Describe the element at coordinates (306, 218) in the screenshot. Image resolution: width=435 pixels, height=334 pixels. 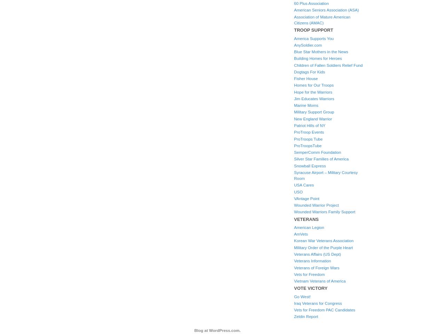
I see `'Veterans'` at that location.